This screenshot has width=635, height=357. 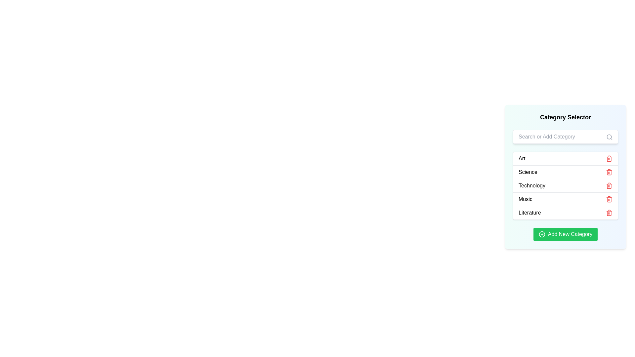 What do you see at coordinates (609, 159) in the screenshot?
I see `the main body of the trash can icon, which represents the delete functionality for the 'Art' category option` at bounding box center [609, 159].